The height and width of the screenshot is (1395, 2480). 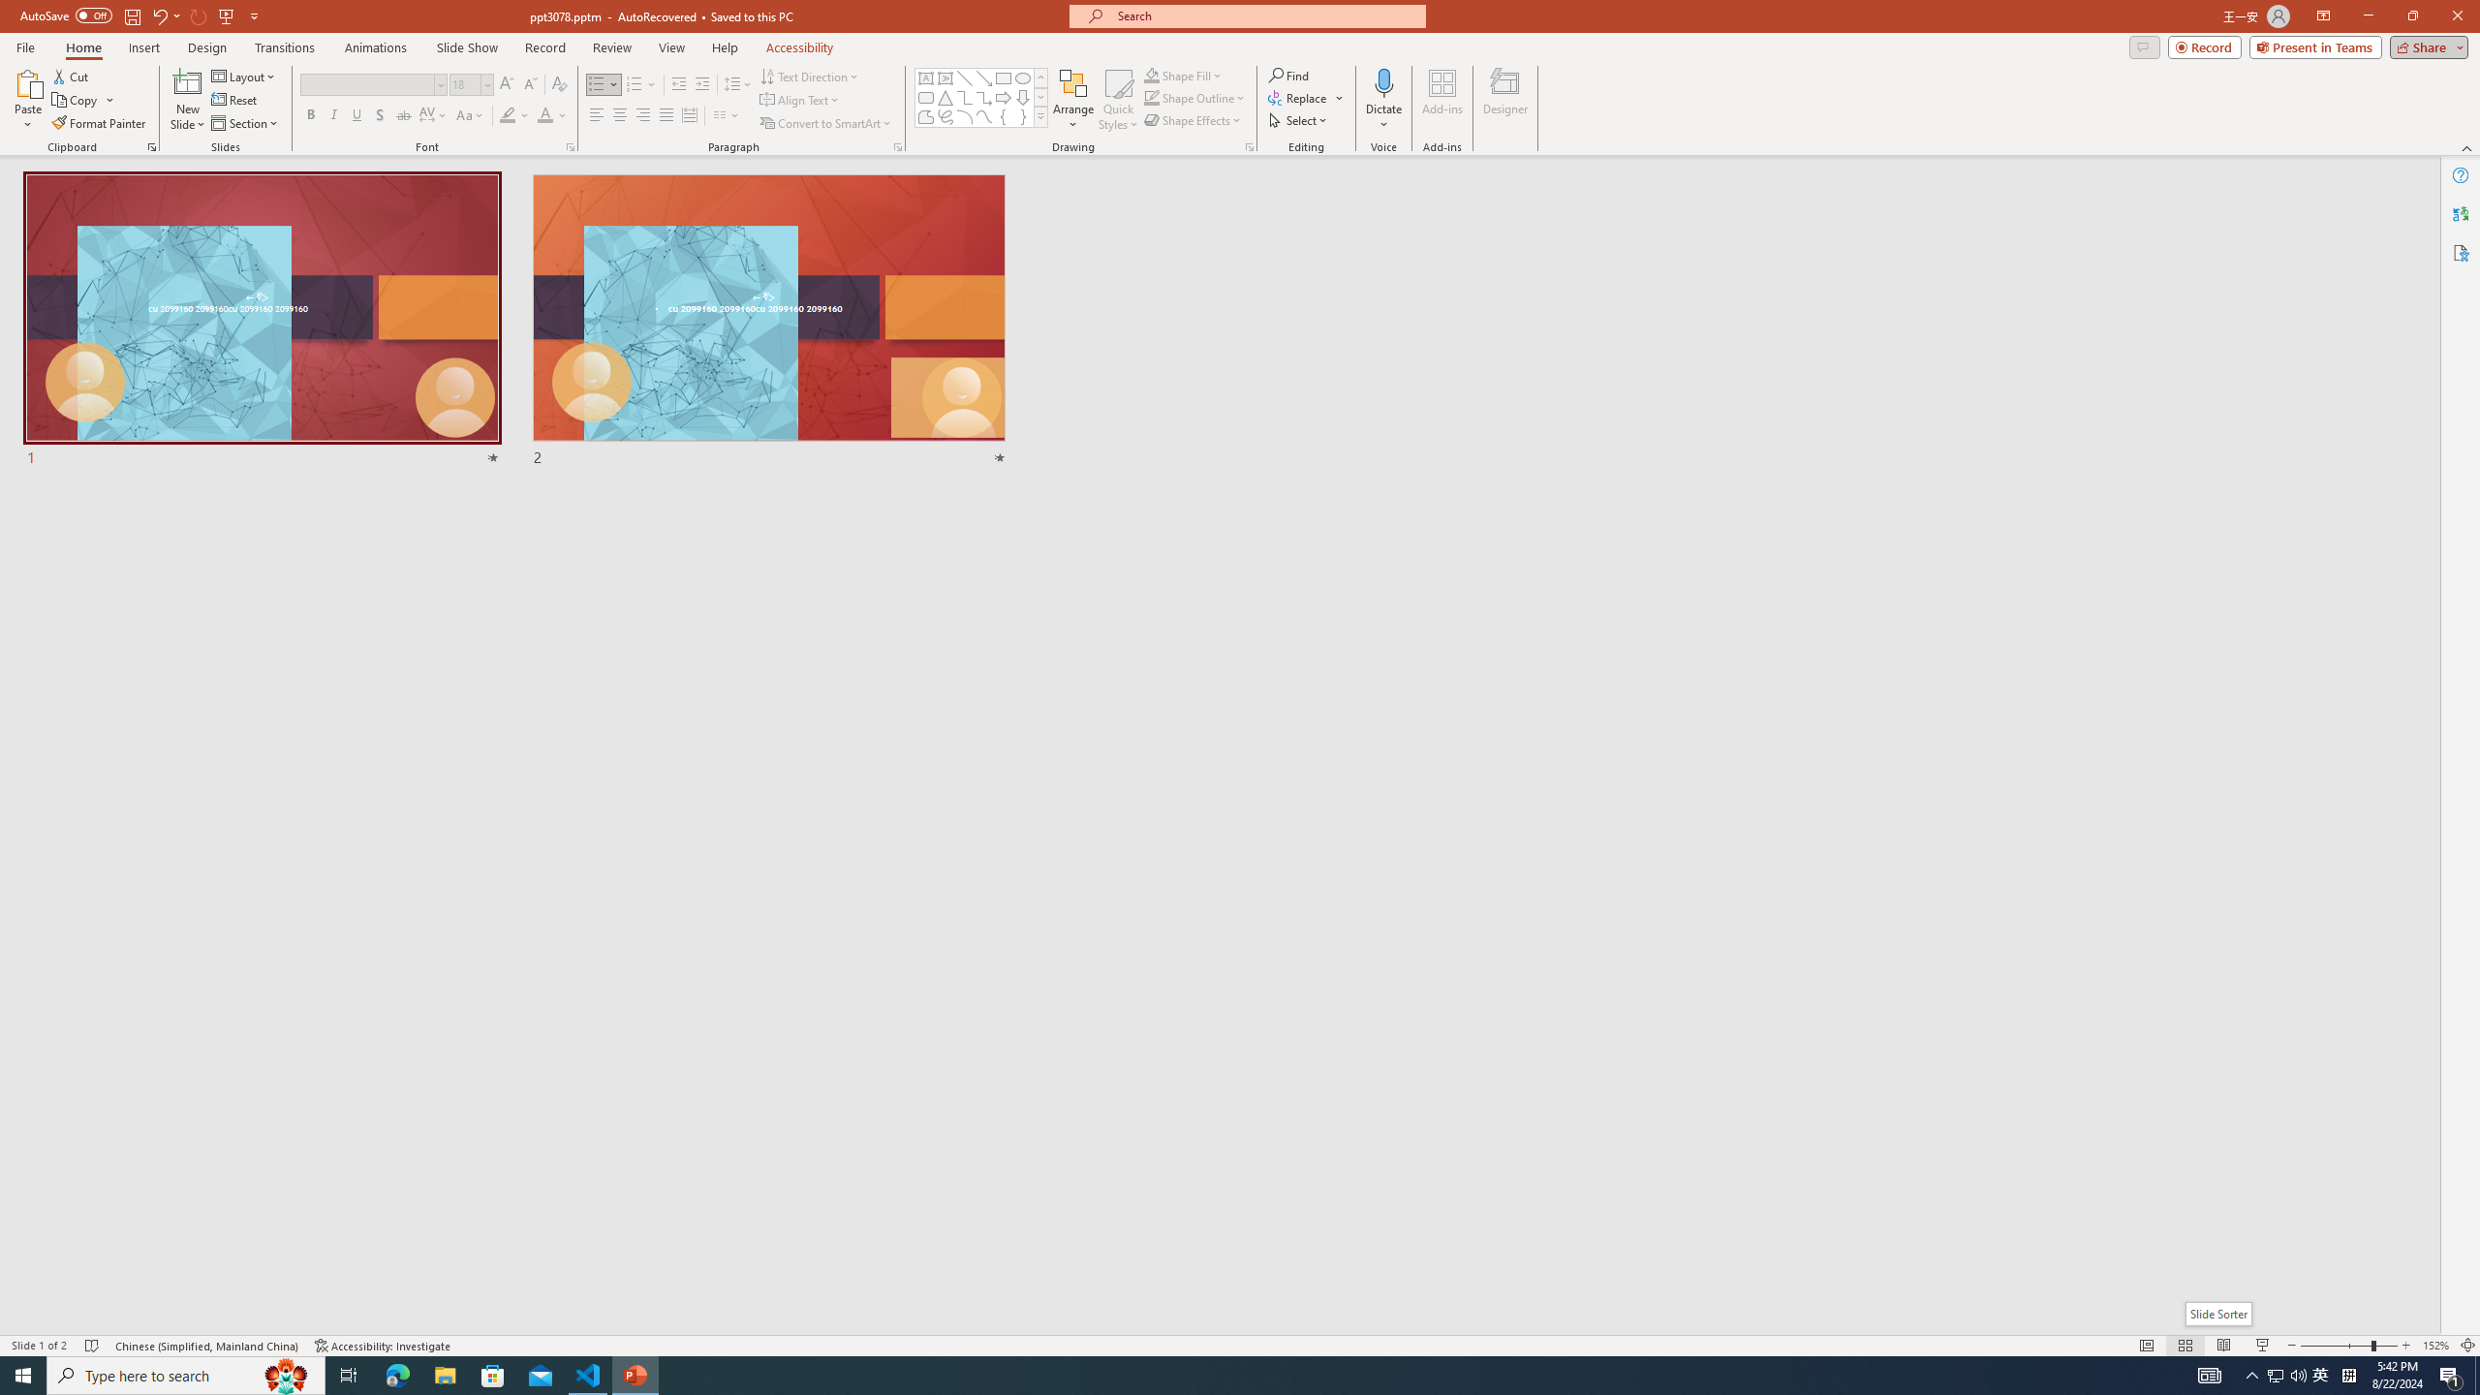 What do you see at coordinates (1152, 75) in the screenshot?
I see `'Shape Fill Dark Green, Accent 2'` at bounding box center [1152, 75].